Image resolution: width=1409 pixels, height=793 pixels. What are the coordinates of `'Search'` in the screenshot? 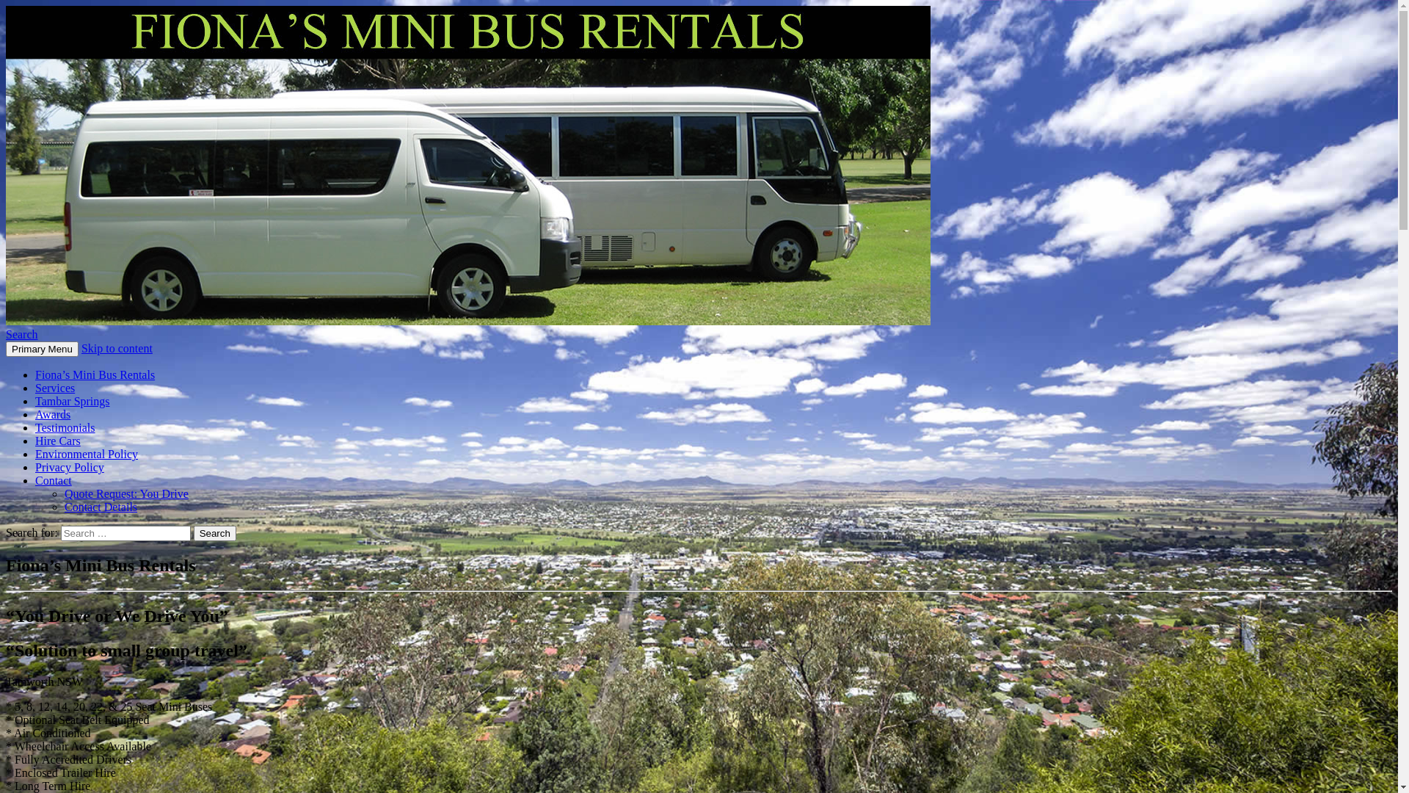 It's located at (214, 533).